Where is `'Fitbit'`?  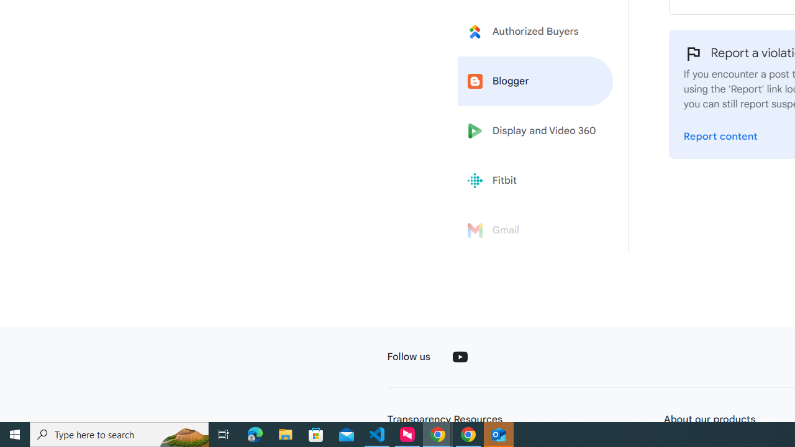 'Fitbit' is located at coordinates (535, 181).